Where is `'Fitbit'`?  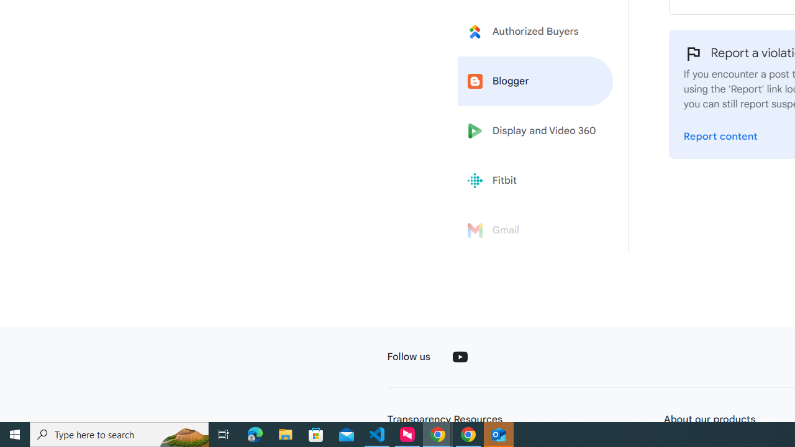 'Fitbit' is located at coordinates (535, 181).